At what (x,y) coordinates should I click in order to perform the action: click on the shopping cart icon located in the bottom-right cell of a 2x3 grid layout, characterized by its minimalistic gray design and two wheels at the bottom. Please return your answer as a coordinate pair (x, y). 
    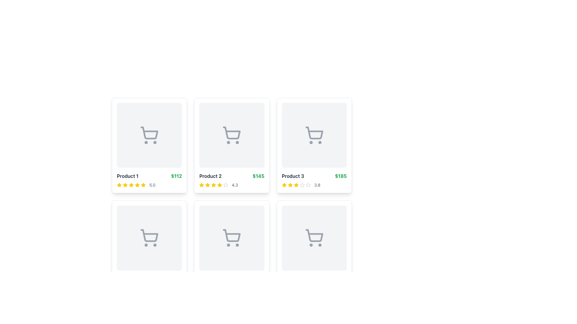
    Looking at the image, I should click on (314, 238).